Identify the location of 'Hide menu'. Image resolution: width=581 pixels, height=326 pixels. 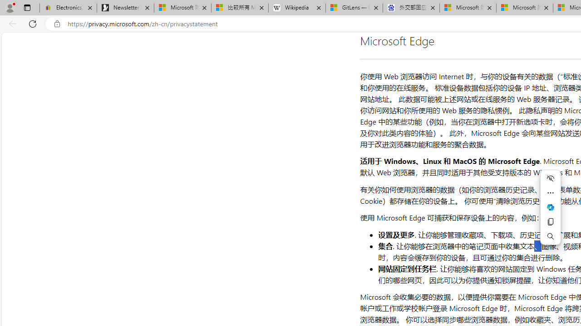
(550, 178).